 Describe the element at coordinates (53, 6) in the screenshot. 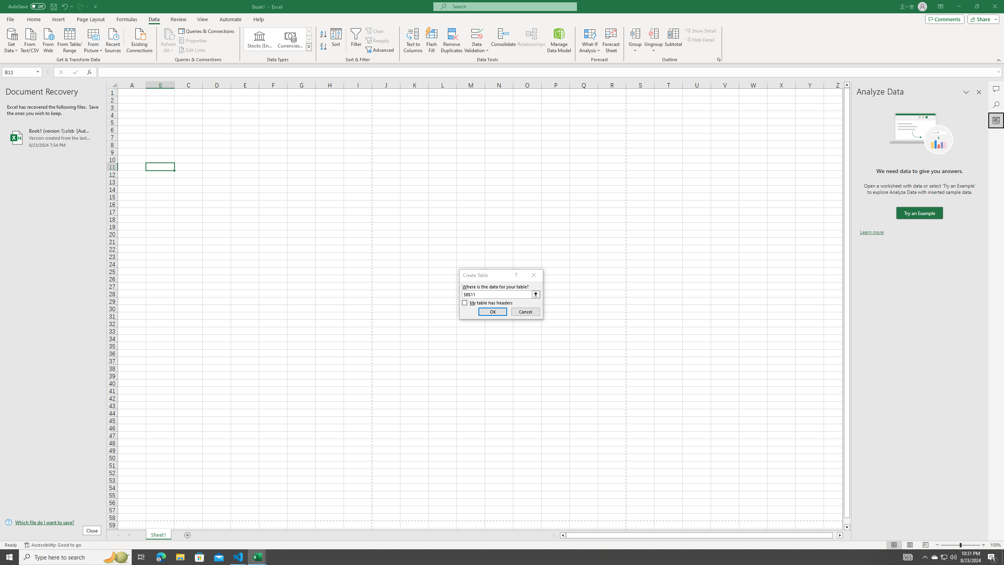

I see `'Save'` at that location.